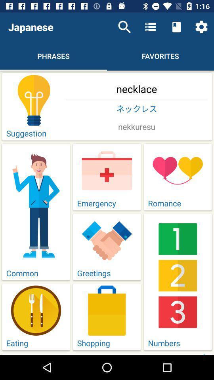  What do you see at coordinates (107, 177) in the screenshot?
I see `emergeny icon above greetings` at bounding box center [107, 177].